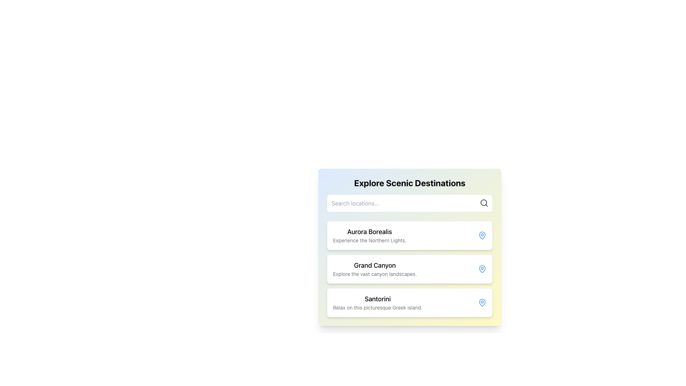 The image size is (686, 386). What do you see at coordinates (369, 232) in the screenshot?
I see `the Text Label that serves as the title for the associated card, which is located at the top portion of the card component in the 'Explore Scenic Destinations' section` at bounding box center [369, 232].